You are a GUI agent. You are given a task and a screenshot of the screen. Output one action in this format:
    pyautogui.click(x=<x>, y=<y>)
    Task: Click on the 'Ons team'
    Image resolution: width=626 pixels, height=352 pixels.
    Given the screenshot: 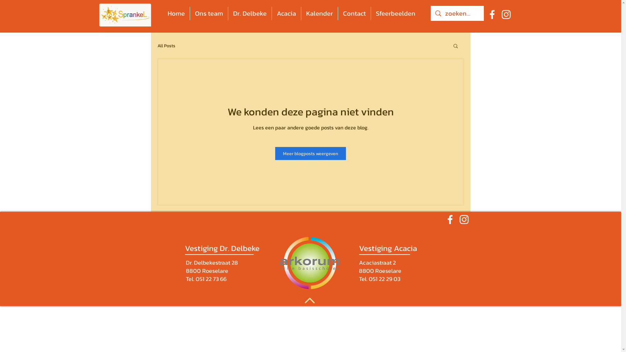 What is the action you would take?
    pyautogui.click(x=209, y=13)
    